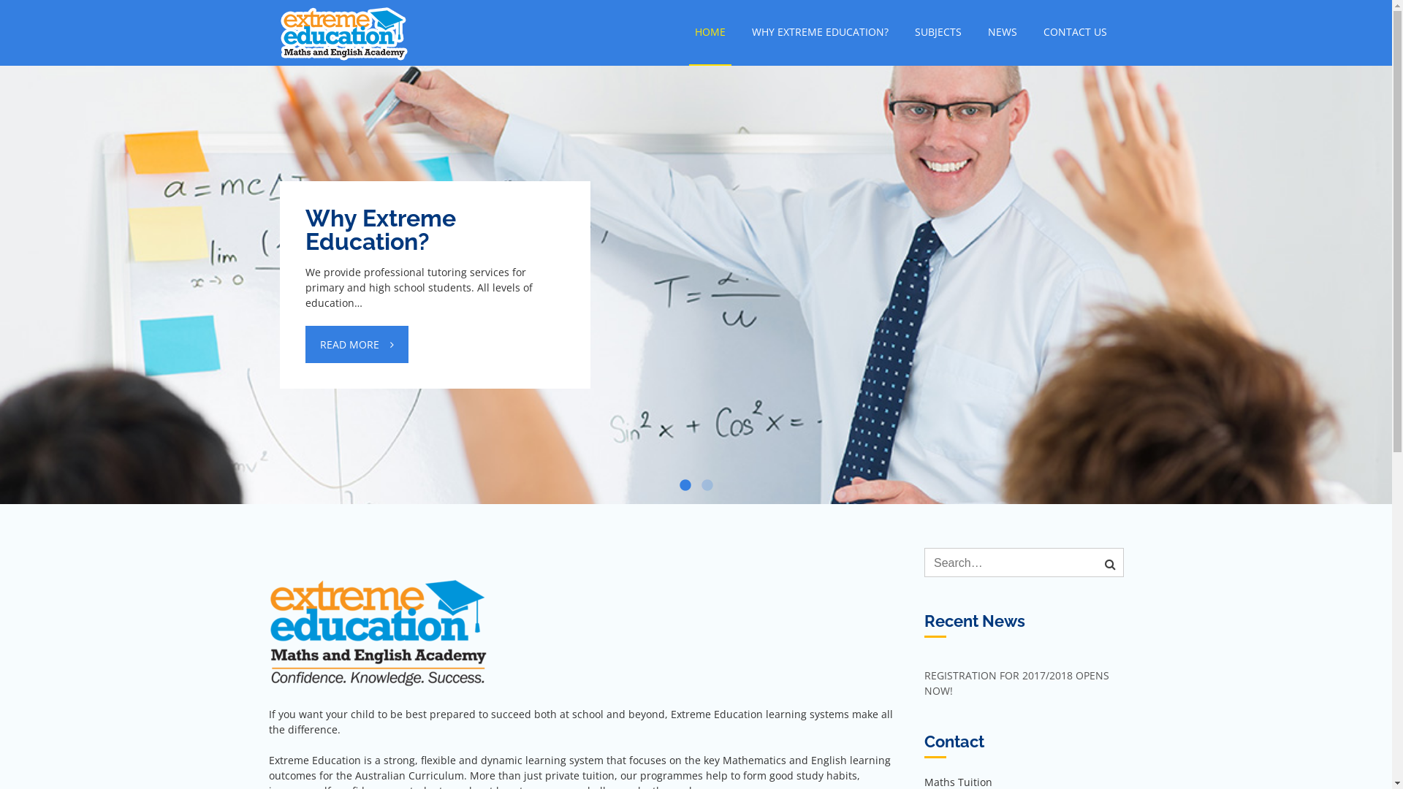 This screenshot has height=789, width=1403. What do you see at coordinates (1016, 682) in the screenshot?
I see `'REGISTRATION FOR 2017/2018 OPENS NOW!'` at bounding box center [1016, 682].